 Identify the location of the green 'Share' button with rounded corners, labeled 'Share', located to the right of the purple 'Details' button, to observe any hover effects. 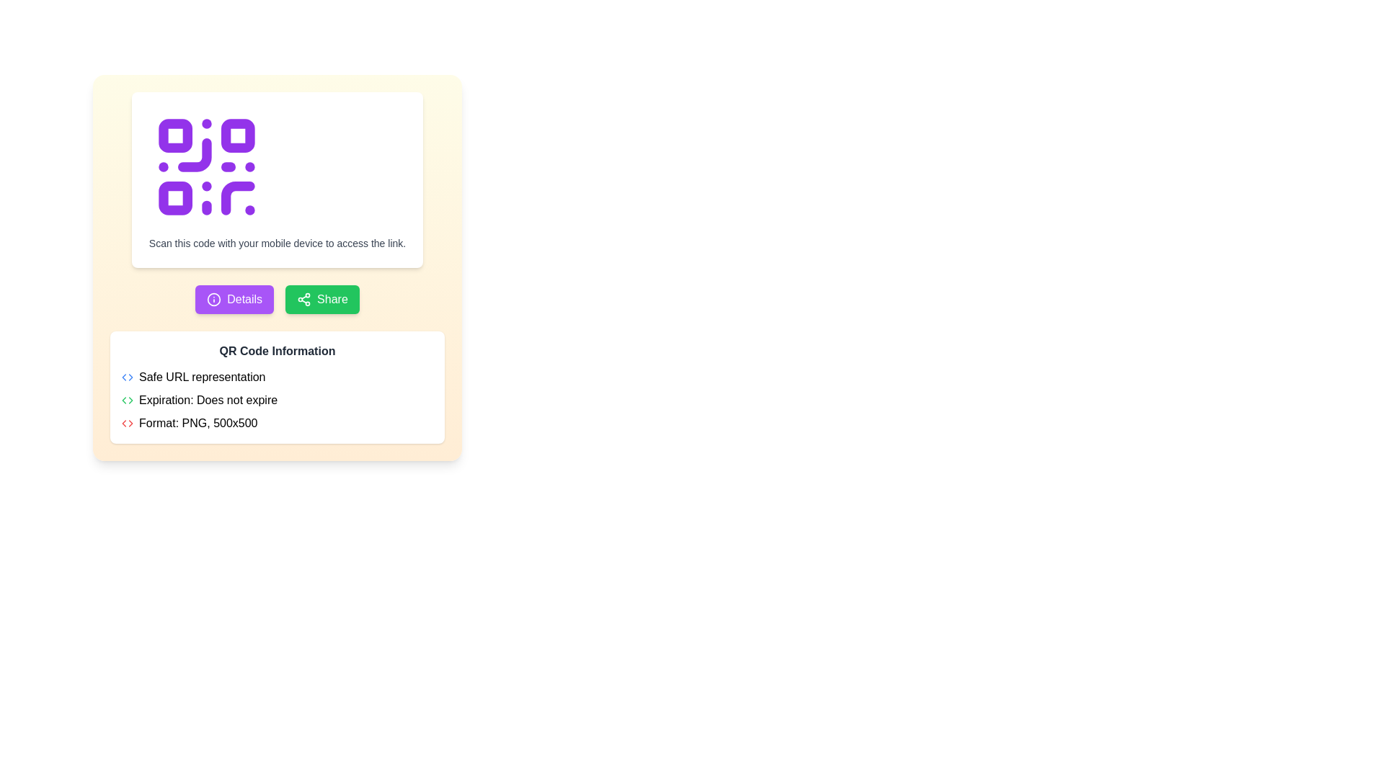
(321, 299).